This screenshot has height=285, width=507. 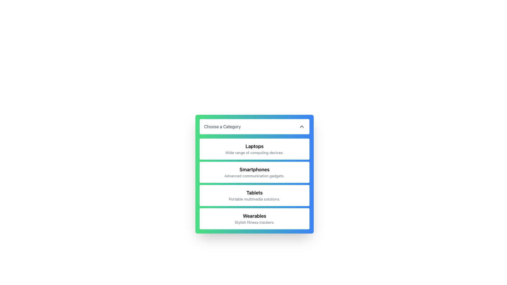 What do you see at coordinates (255, 219) in the screenshot?
I see `the fourth card in the category list labeled 'Wearables'` at bounding box center [255, 219].